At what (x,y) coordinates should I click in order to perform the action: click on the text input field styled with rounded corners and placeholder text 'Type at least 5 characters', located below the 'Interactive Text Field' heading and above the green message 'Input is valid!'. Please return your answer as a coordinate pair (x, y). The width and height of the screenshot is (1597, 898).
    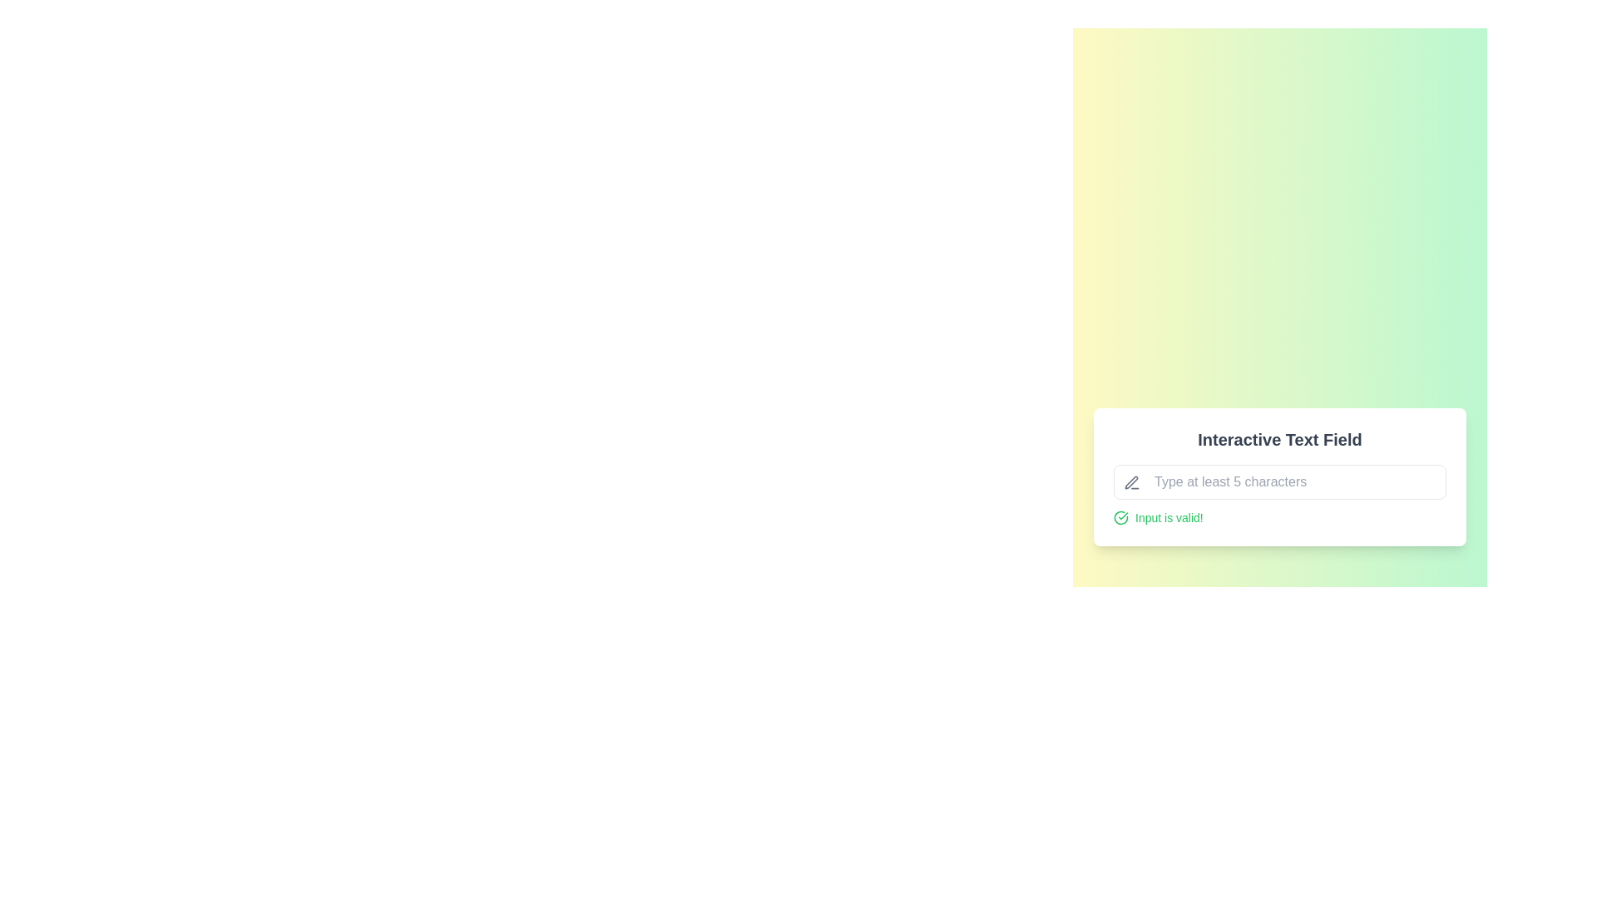
    Looking at the image, I should click on (1279, 481).